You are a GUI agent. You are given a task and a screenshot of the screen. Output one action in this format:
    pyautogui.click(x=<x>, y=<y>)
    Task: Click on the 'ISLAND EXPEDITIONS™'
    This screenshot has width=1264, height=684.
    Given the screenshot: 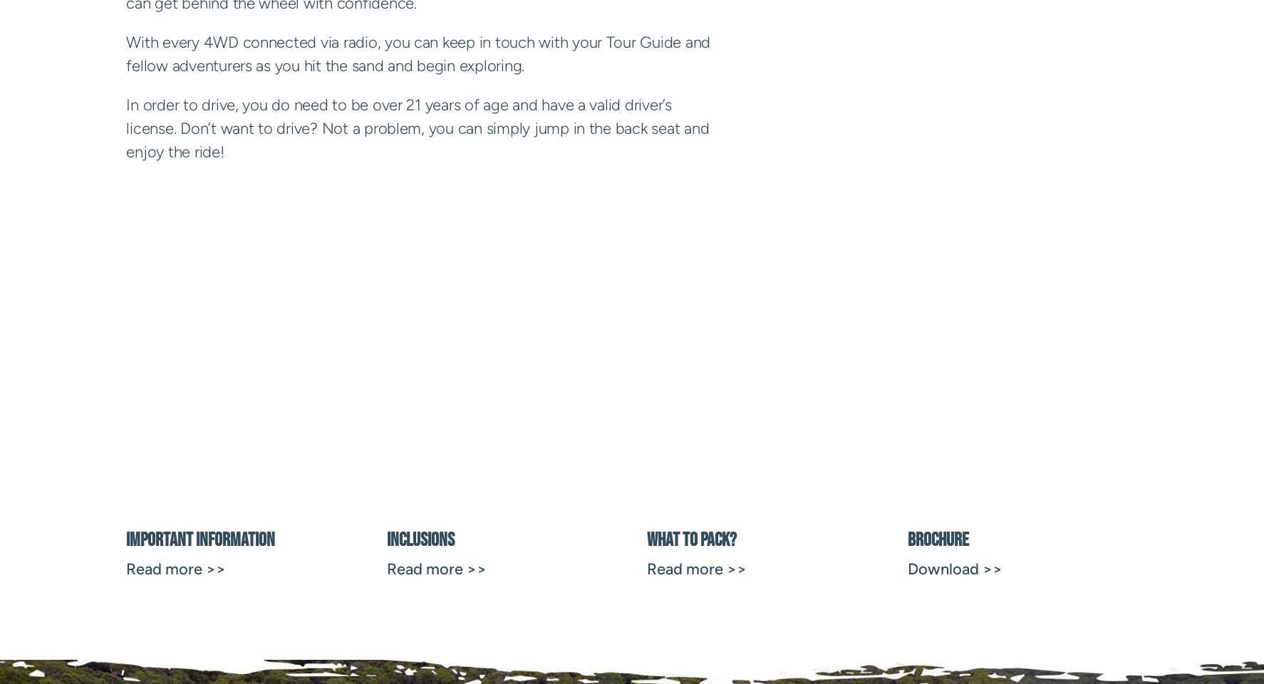 What is the action you would take?
    pyautogui.click(x=229, y=392)
    